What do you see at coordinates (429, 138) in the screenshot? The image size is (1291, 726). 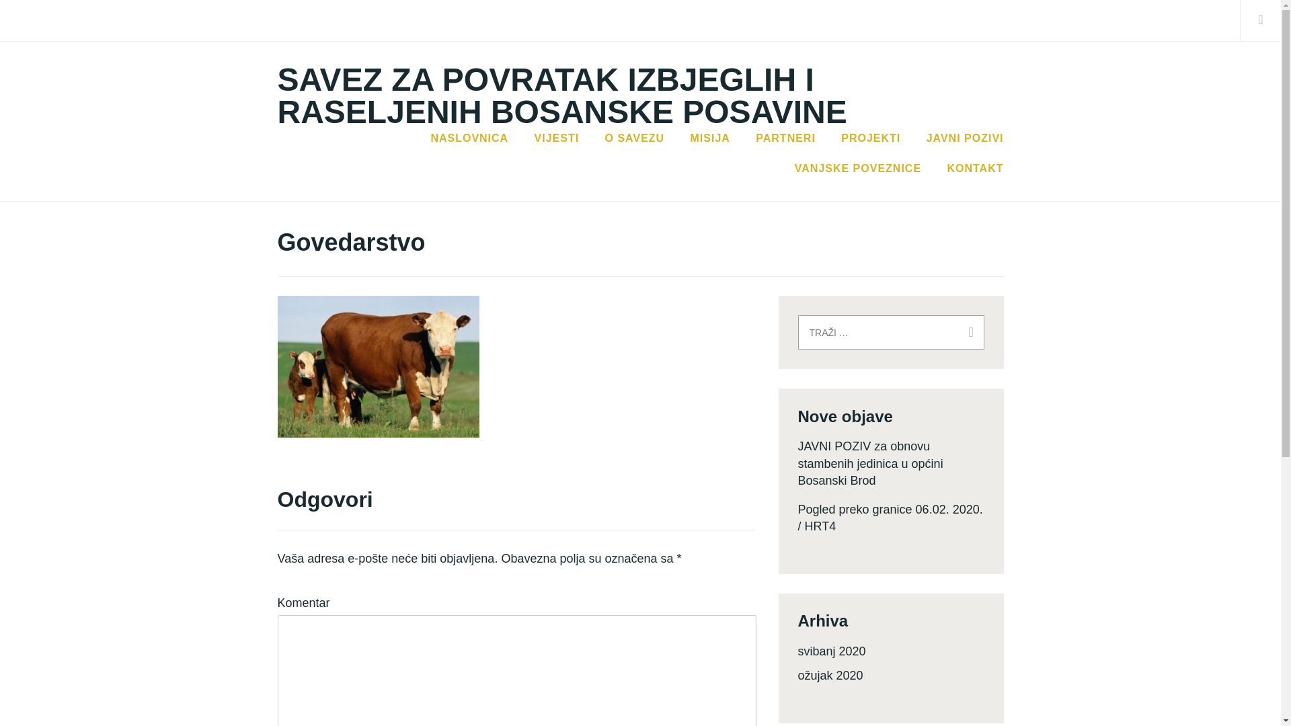 I see `'NASLOVNICA'` at bounding box center [429, 138].